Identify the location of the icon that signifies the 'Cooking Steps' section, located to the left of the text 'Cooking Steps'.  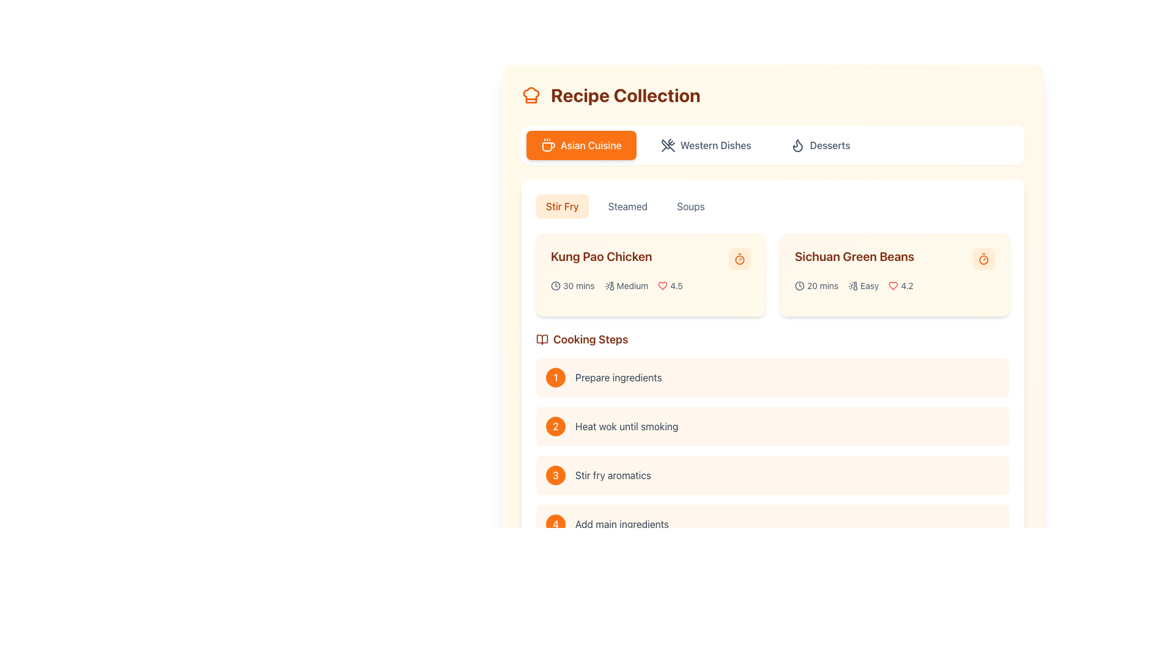
(542, 339).